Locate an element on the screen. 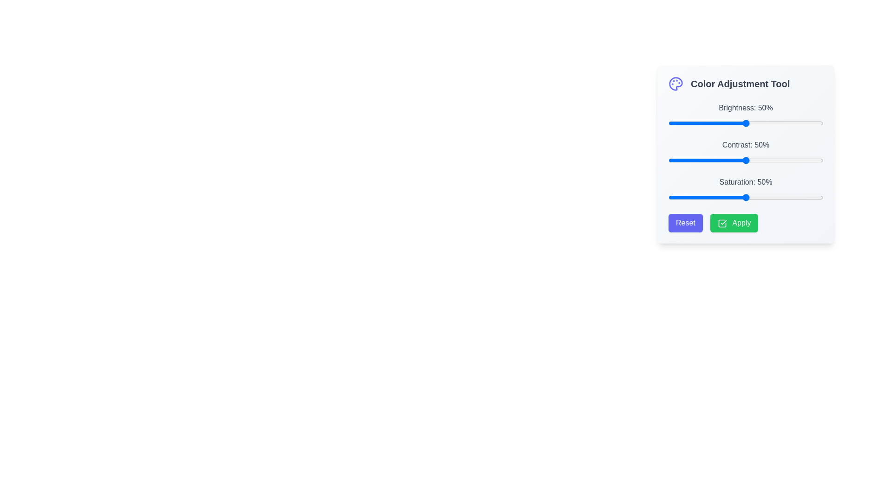 The width and height of the screenshot is (892, 501). the contrast is located at coordinates (807, 160).